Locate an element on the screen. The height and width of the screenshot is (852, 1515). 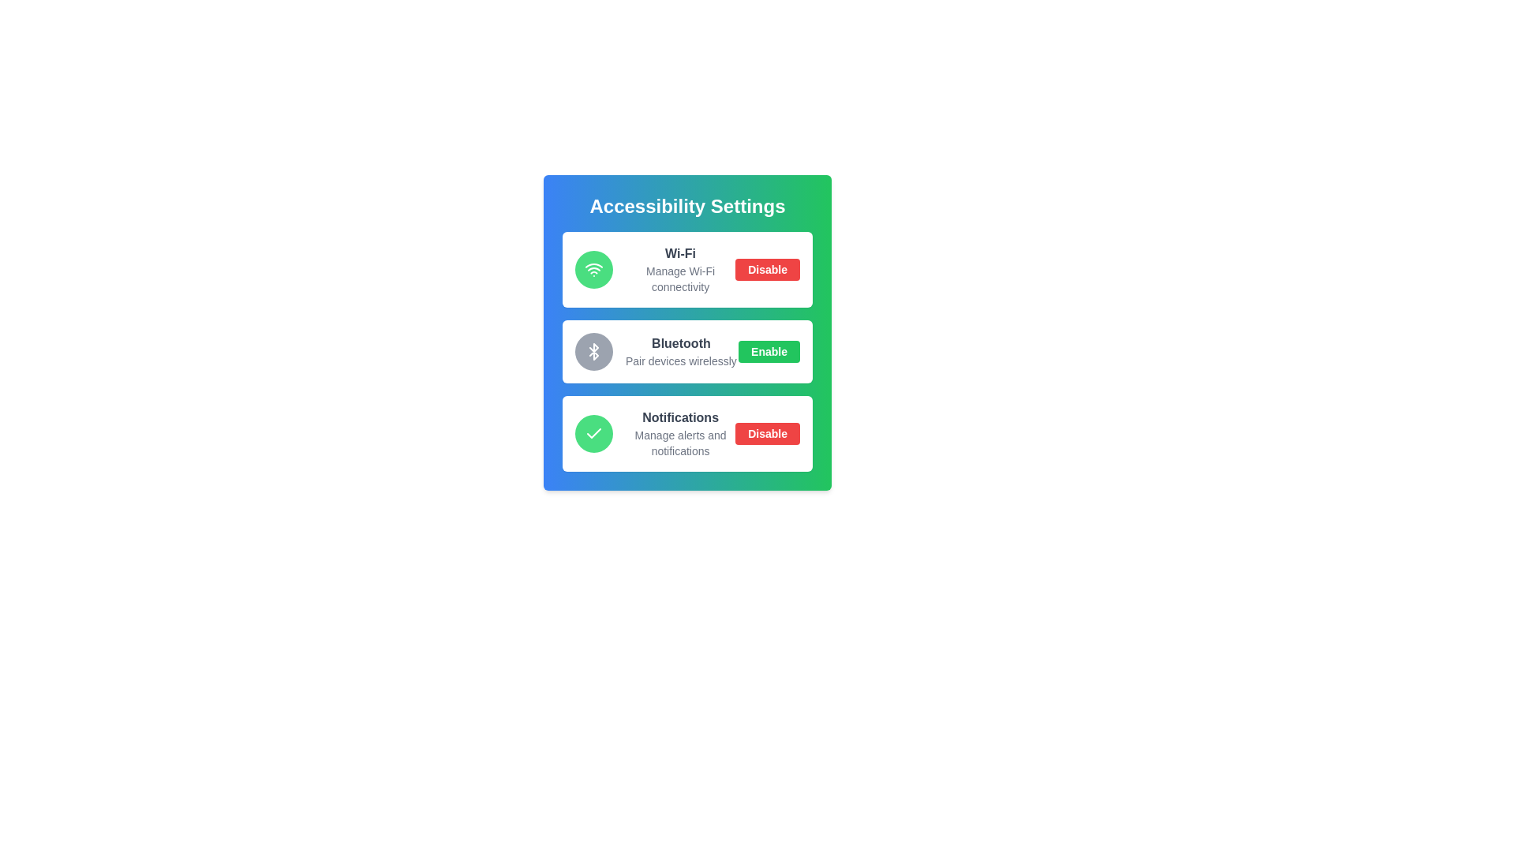
the icon for the Notifications setting is located at coordinates (593, 434).